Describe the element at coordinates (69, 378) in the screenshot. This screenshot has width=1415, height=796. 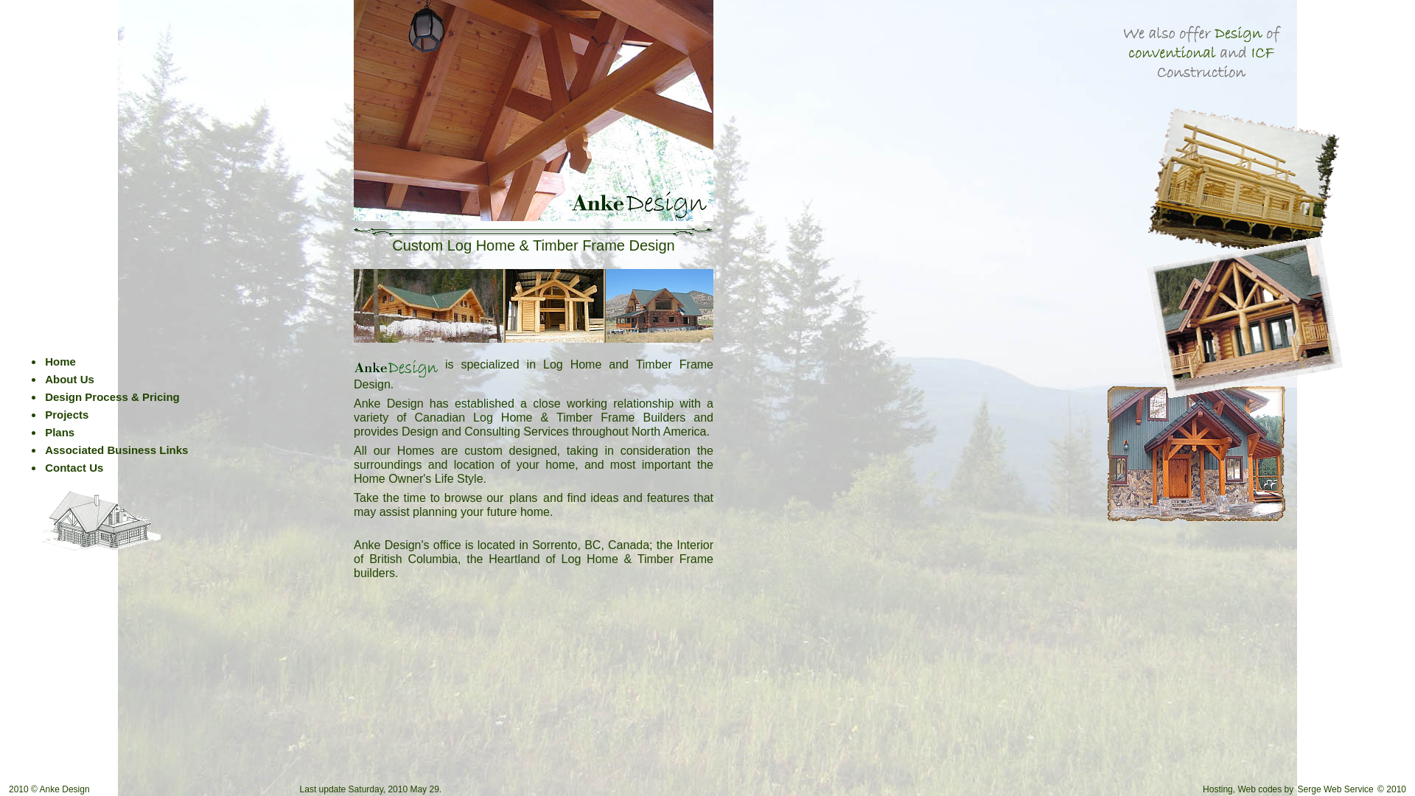
I see `'About Us'` at that location.